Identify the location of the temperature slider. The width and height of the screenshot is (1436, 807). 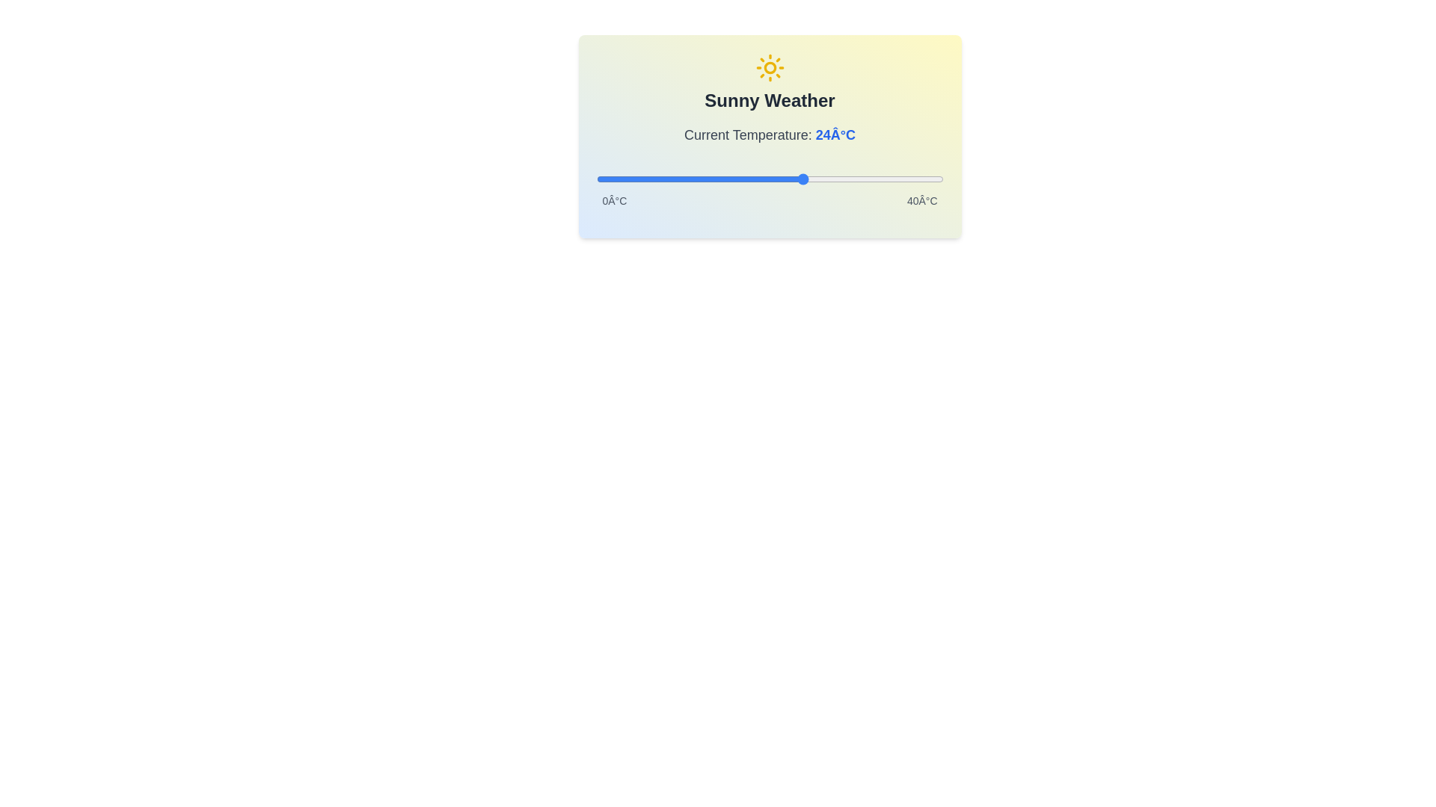
(803, 178).